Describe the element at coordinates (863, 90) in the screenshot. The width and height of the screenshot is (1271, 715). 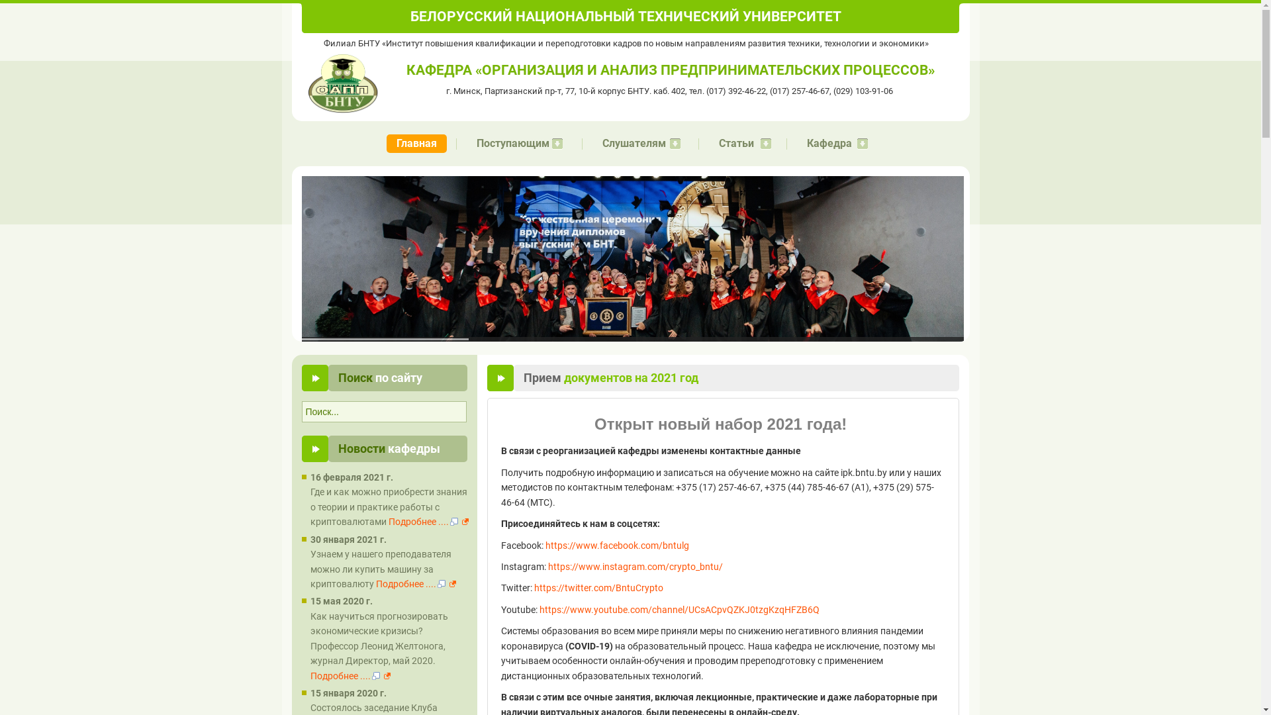
I see `'(029) 103-91-06'` at that location.